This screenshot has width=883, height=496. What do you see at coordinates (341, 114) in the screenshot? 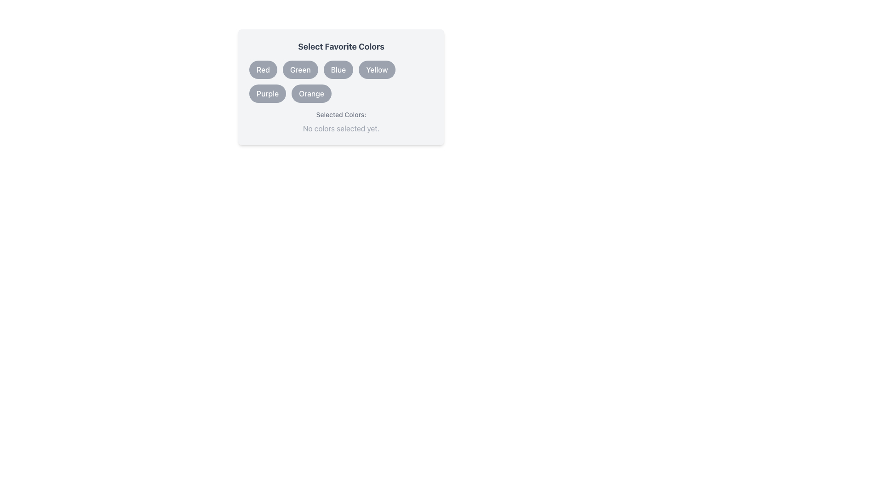
I see `the static text label indicating the section for selected colors, located above the 'No colors selected yet.' text and below the color selection buttons` at bounding box center [341, 114].